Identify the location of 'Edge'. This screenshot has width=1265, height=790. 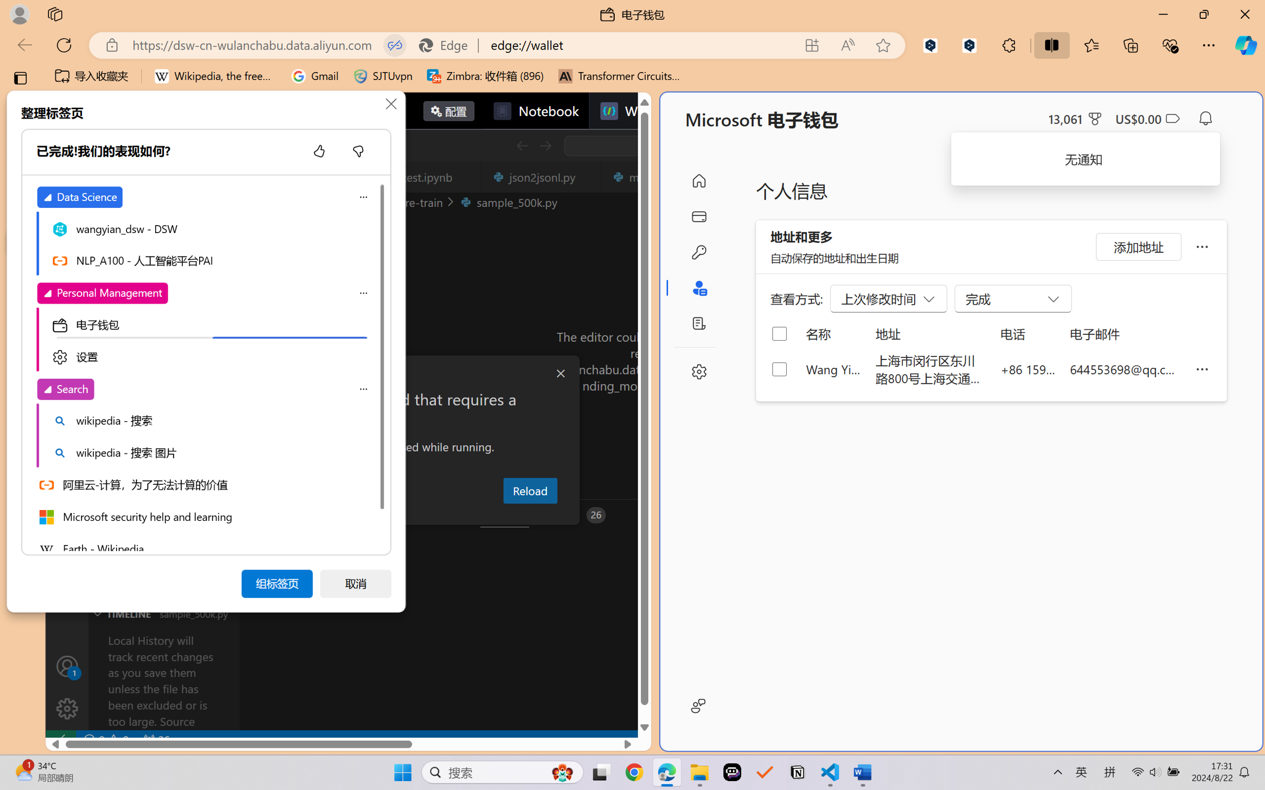
(447, 45).